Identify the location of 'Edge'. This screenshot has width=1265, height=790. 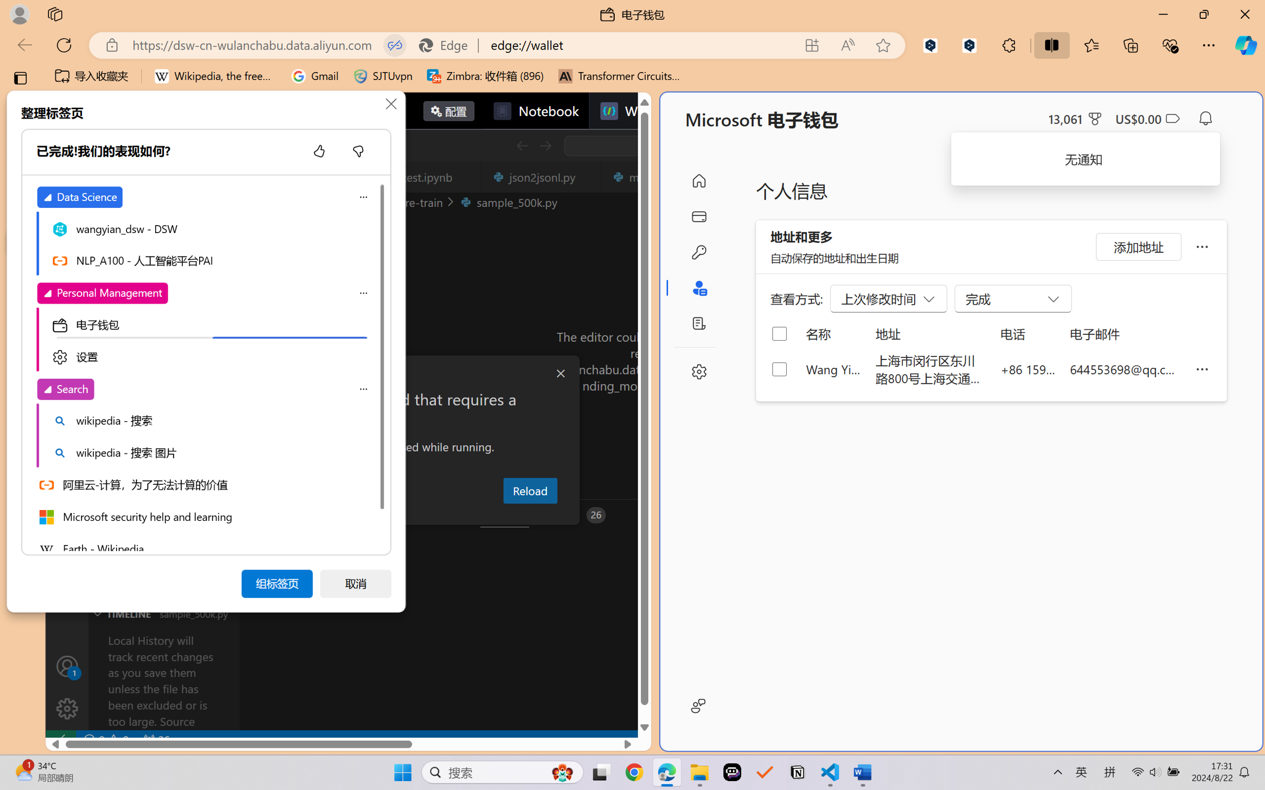
(447, 45).